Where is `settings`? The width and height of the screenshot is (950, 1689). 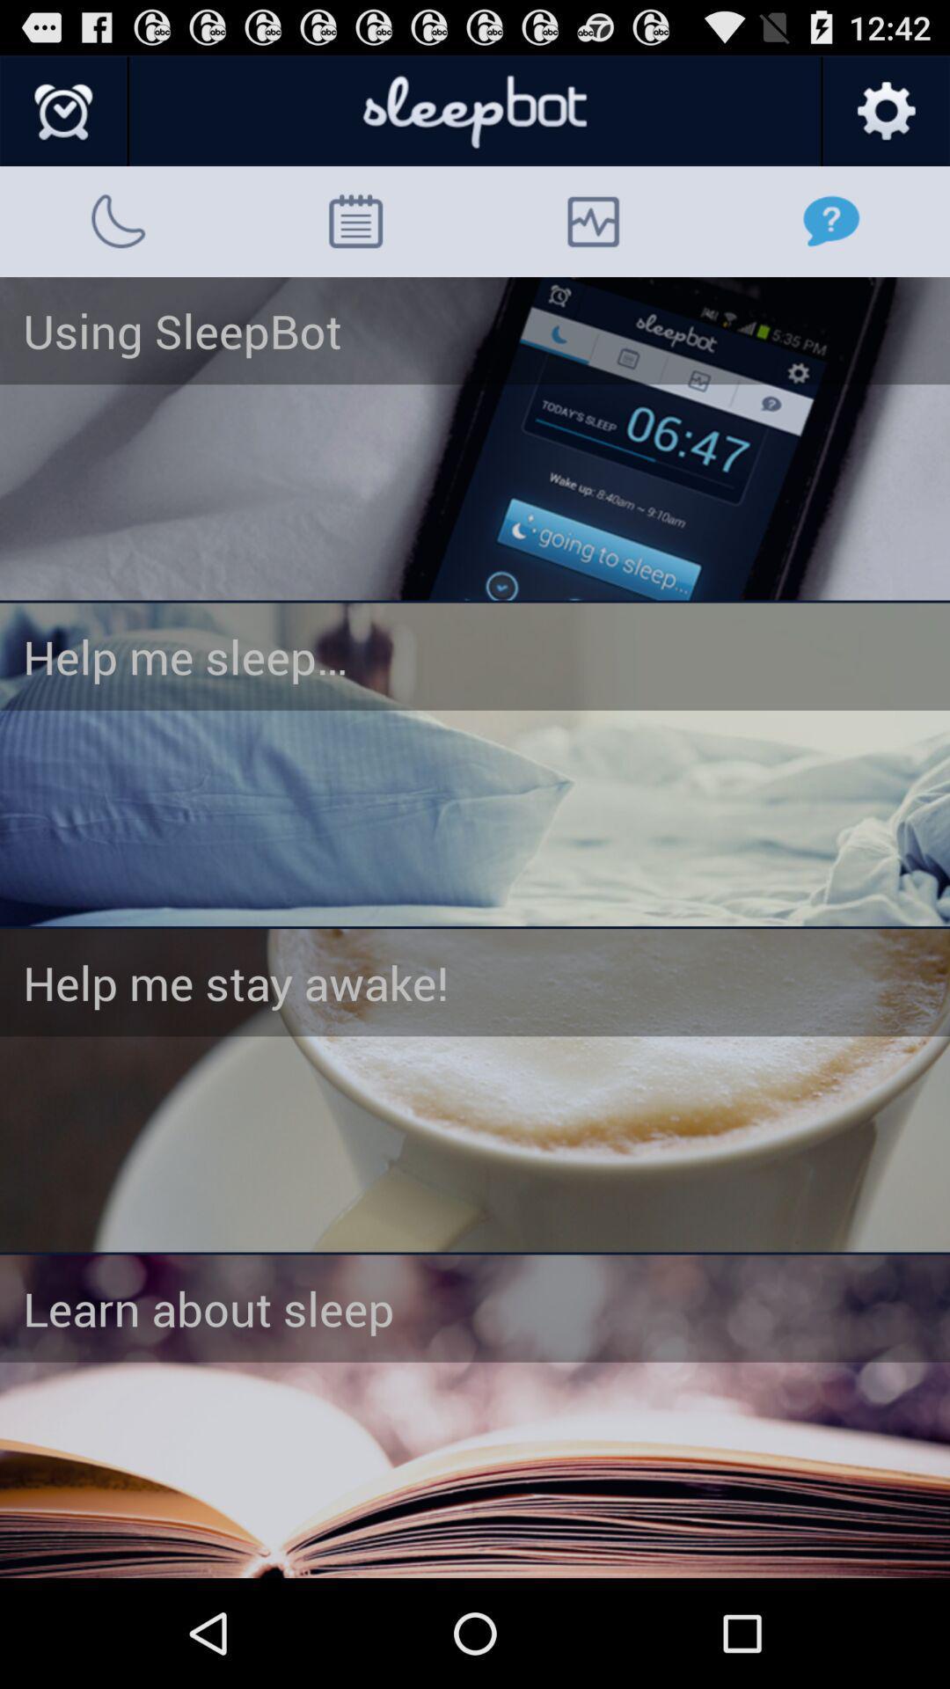
settings is located at coordinates (885, 111).